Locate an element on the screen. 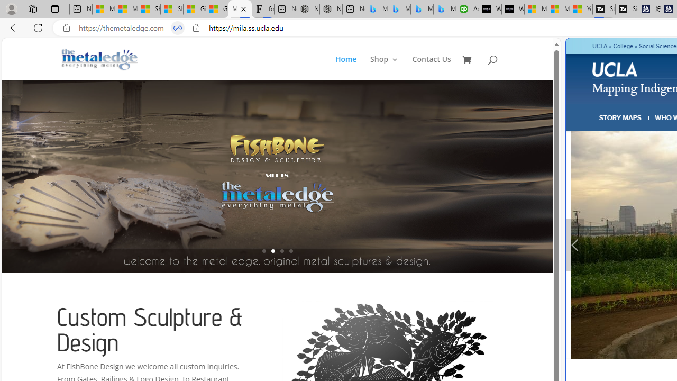 The image size is (677, 381). 'Microsoft Bing Travel - Shangri-La Hotel Bangkok' is located at coordinates (444, 9).